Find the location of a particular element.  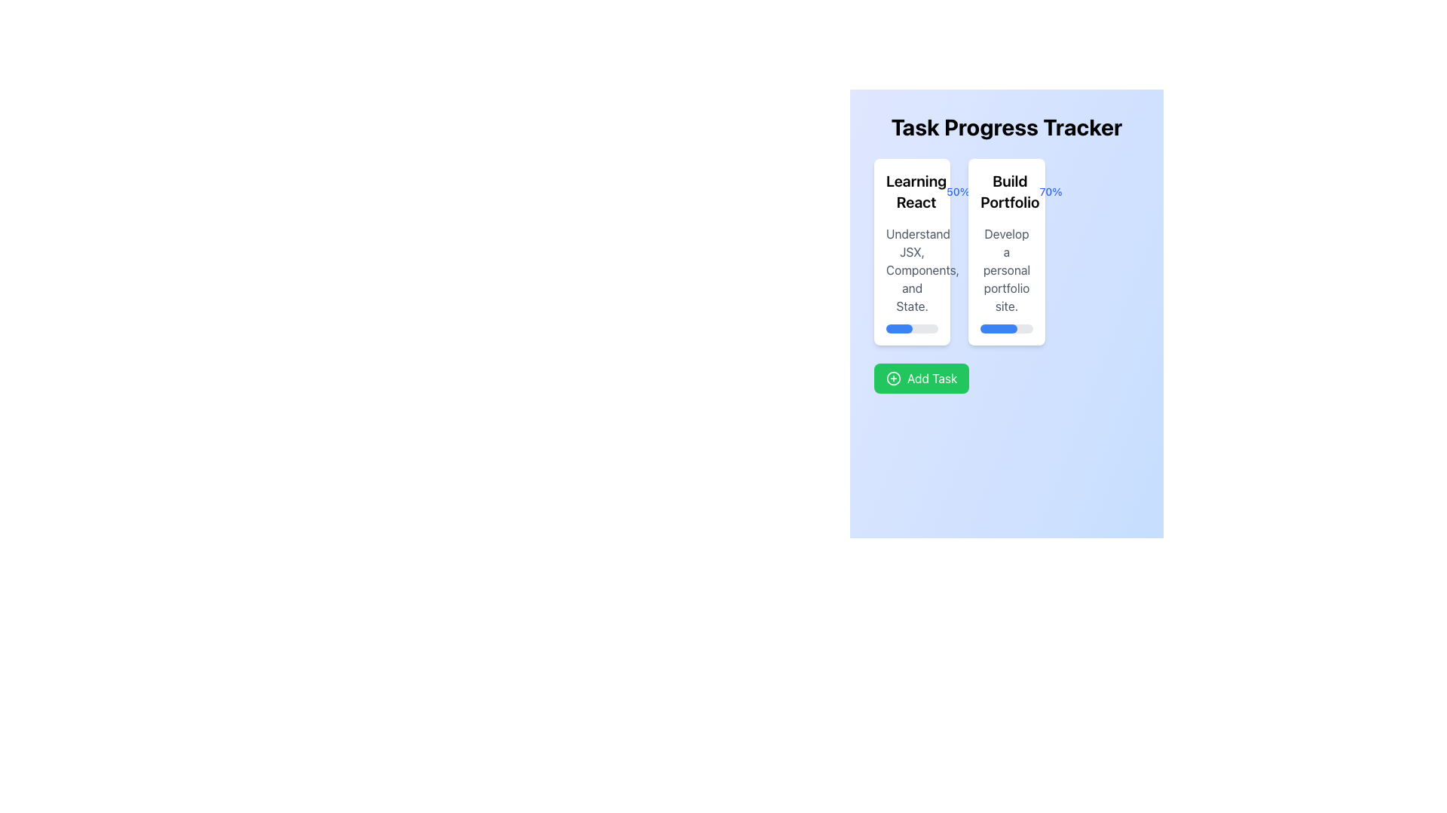

the title text label that serves as the headline for the task, located above the percentage label ('70%') within the second card in the horizontally aligned series of cards is located at coordinates (1010, 190).